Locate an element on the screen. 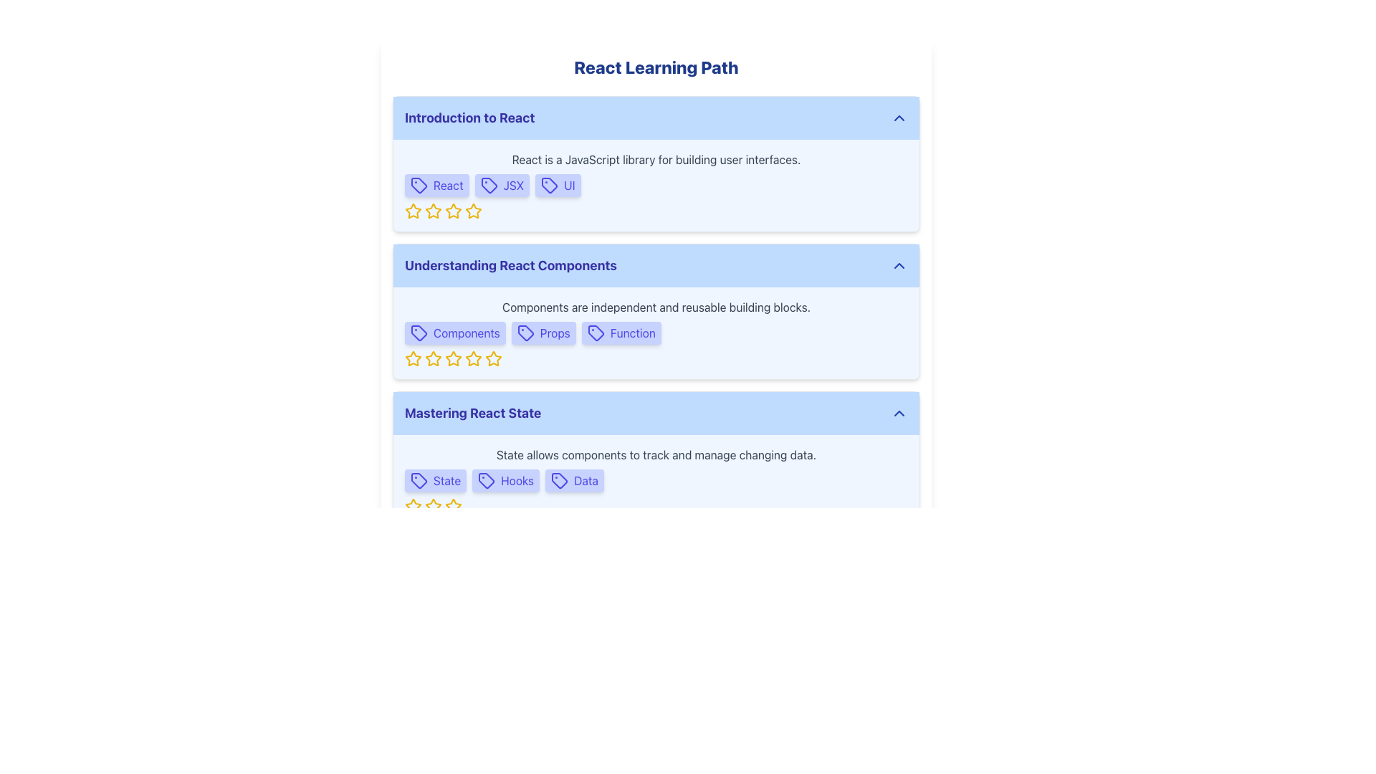  the text and icon of the 'Hooks' badge, which is the second badge in a horizontal arrangement of three badges labeled 'State', 'Hooks', and 'Data' within the 'Mastering React State' section is located at coordinates (506, 481).